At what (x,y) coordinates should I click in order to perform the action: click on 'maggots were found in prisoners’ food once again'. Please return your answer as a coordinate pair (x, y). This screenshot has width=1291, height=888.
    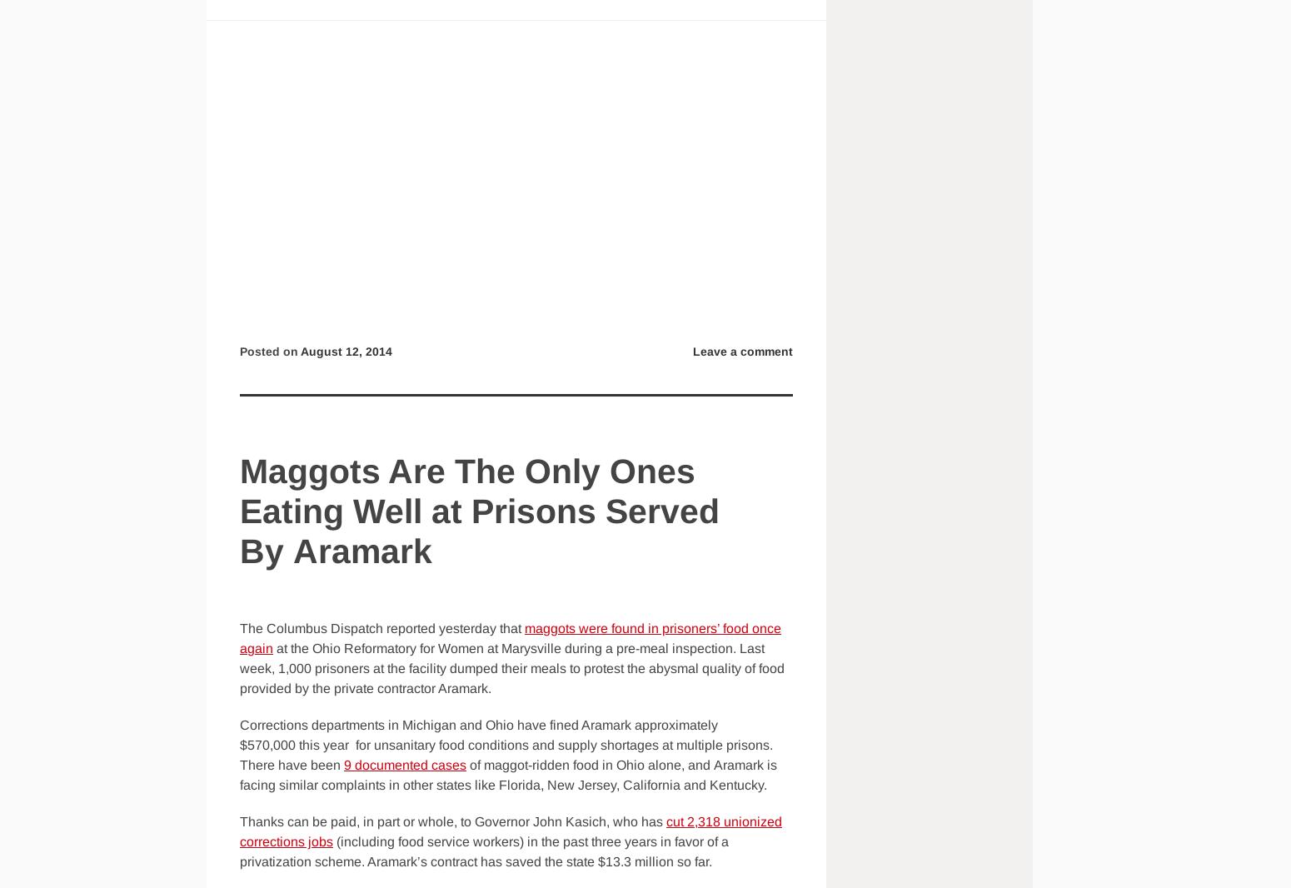
    Looking at the image, I should click on (239, 637).